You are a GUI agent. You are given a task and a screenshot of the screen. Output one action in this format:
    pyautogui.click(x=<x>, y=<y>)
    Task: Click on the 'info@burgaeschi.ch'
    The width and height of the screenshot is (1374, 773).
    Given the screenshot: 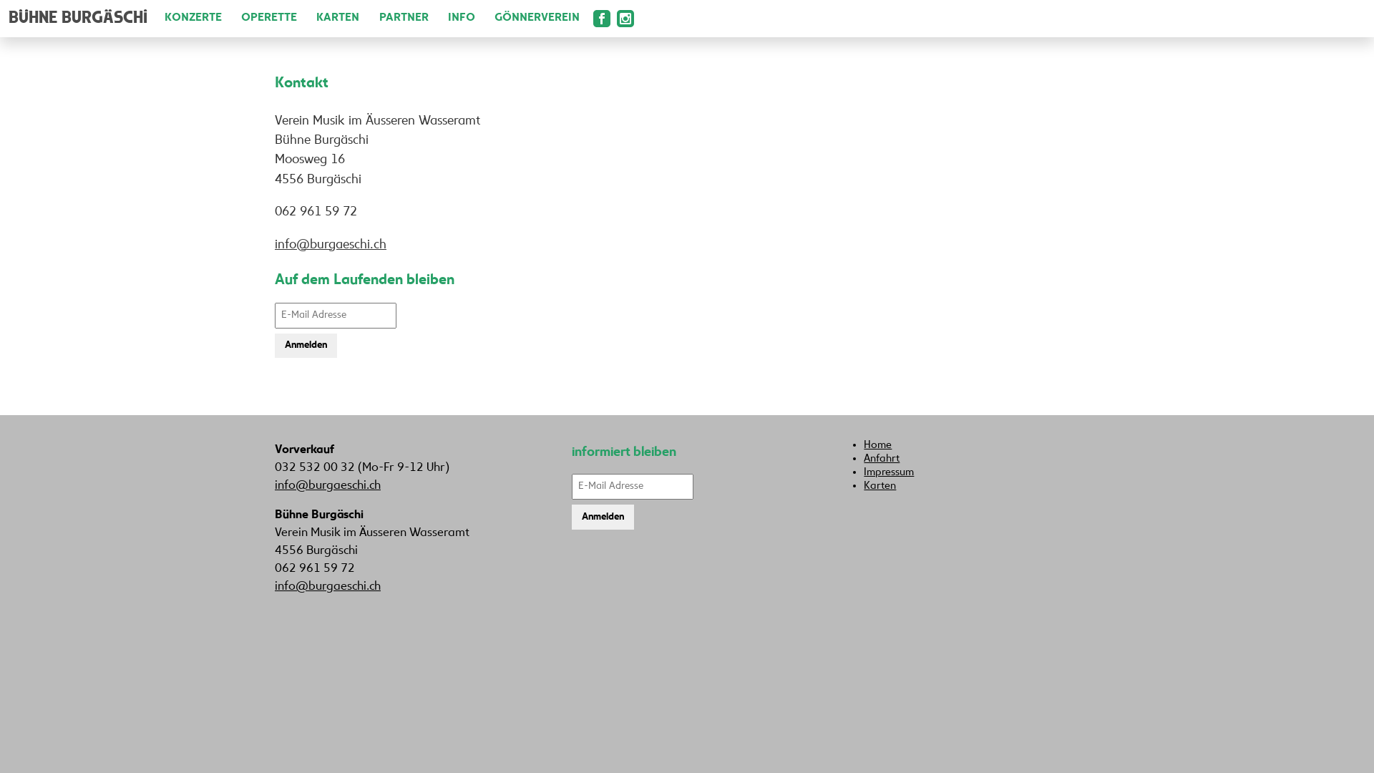 What is the action you would take?
    pyautogui.click(x=326, y=587)
    